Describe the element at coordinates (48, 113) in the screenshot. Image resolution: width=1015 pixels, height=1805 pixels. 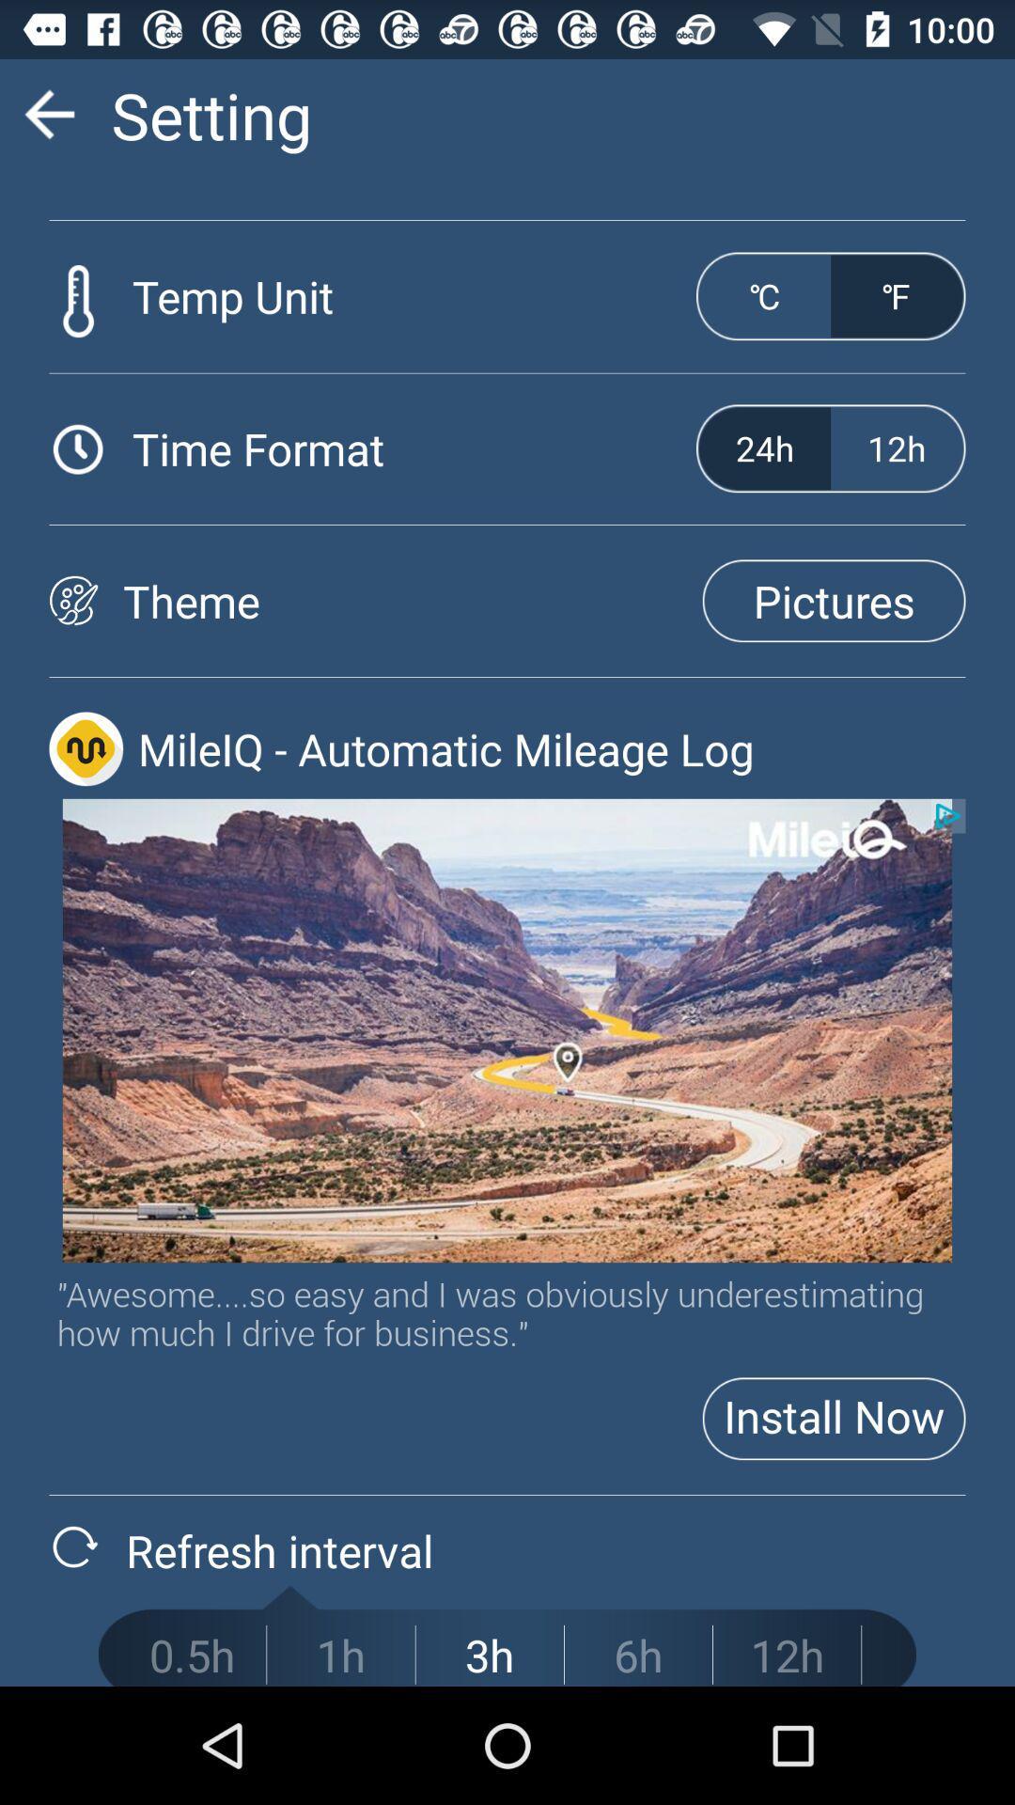
I see `go do rading` at that location.